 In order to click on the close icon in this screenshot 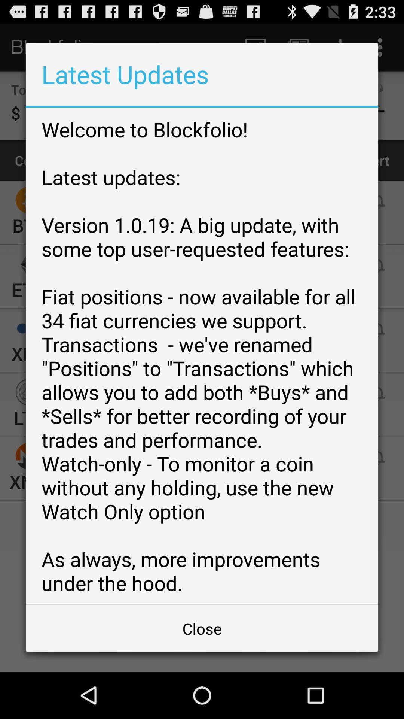, I will do `click(202, 628)`.